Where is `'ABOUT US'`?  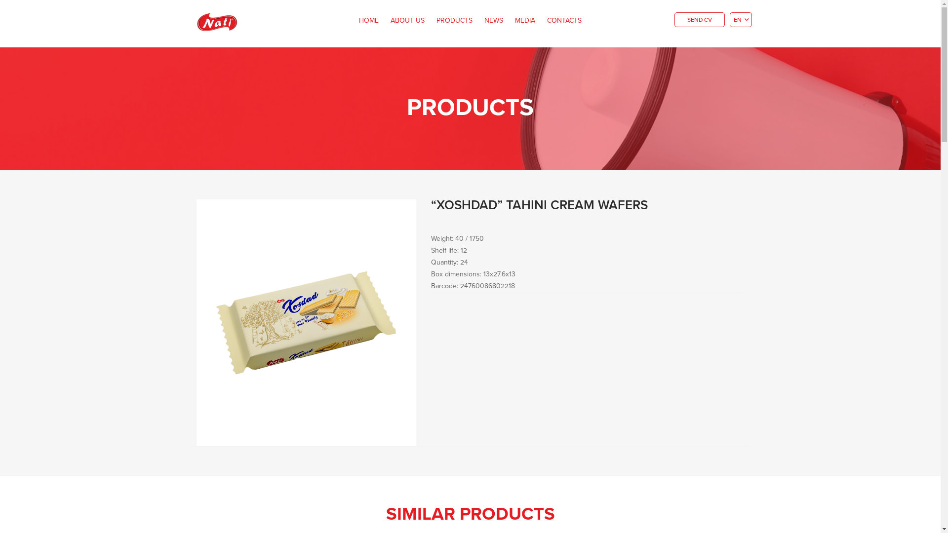 'ABOUT US' is located at coordinates (407, 21).